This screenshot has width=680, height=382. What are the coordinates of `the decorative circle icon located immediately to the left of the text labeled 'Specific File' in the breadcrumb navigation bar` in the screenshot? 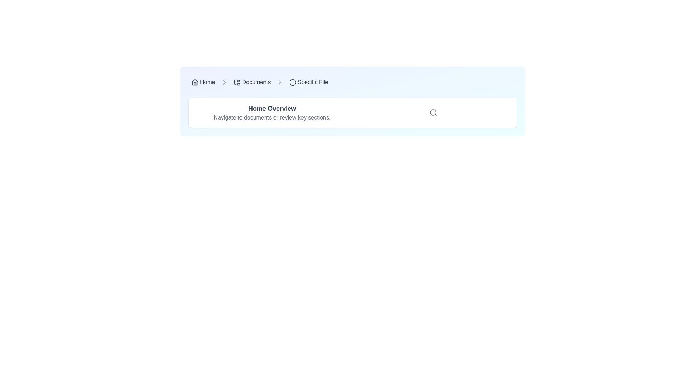 It's located at (293, 82).